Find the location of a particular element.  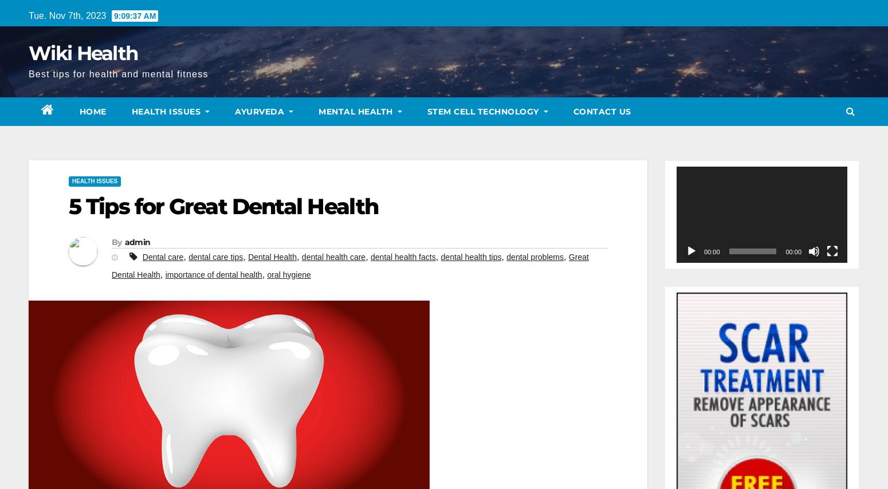

'9:09:38 AM' is located at coordinates (112, 15).